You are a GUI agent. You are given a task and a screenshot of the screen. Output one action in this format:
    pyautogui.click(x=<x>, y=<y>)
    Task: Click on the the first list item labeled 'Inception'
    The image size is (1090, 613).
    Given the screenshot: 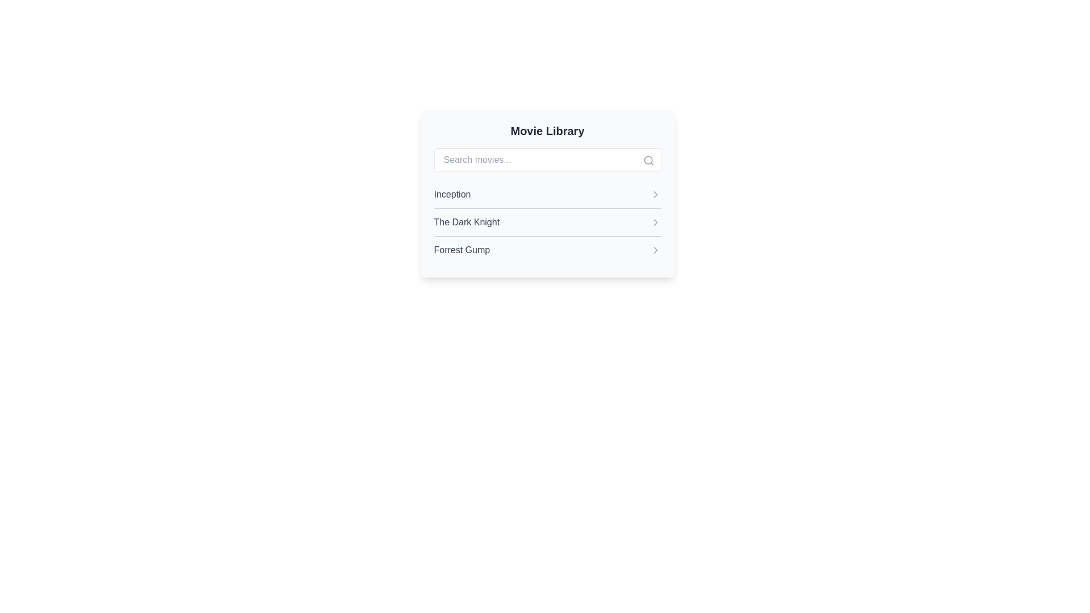 What is the action you would take?
    pyautogui.click(x=547, y=194)
    